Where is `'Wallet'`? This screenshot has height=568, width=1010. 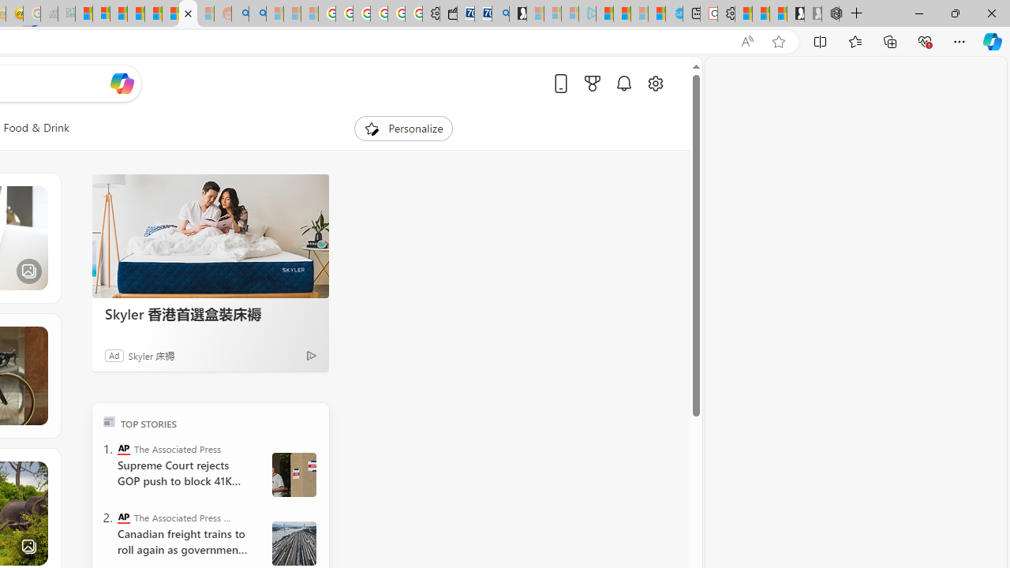 'Wallet' is located at coordinates (447, 13).